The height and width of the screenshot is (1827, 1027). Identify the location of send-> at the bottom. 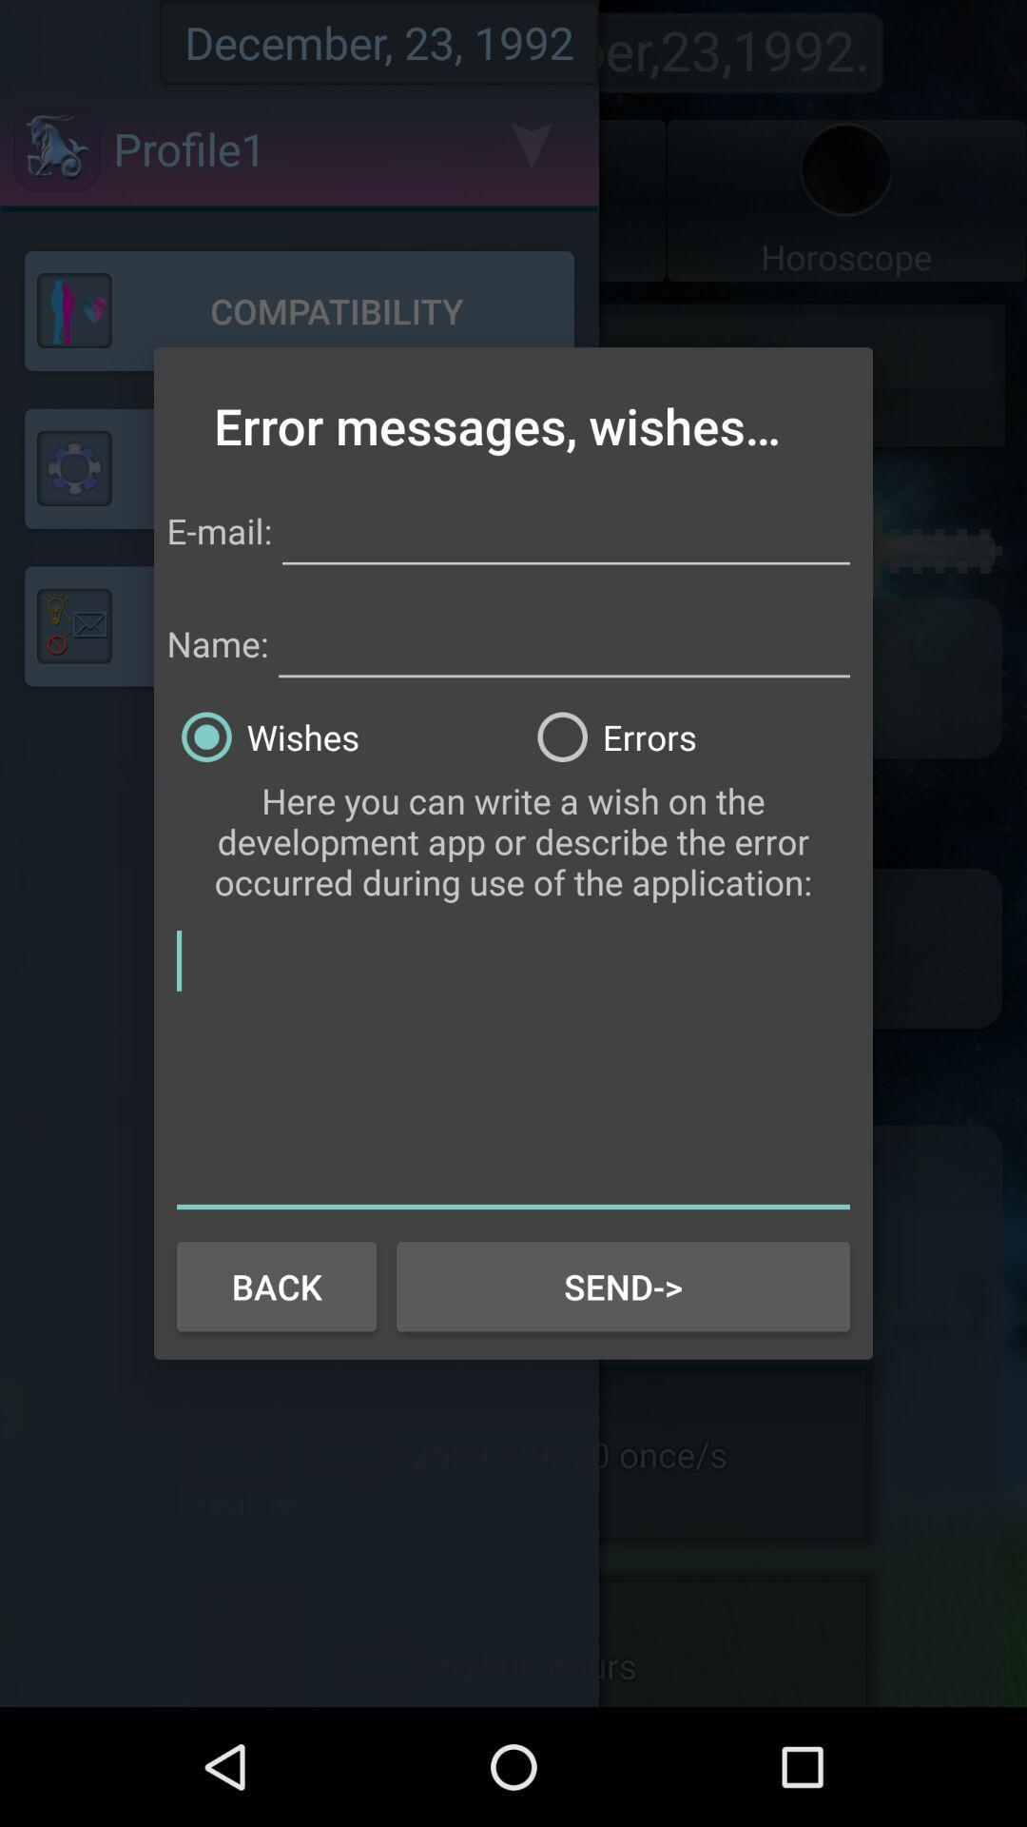
(623, 1287).